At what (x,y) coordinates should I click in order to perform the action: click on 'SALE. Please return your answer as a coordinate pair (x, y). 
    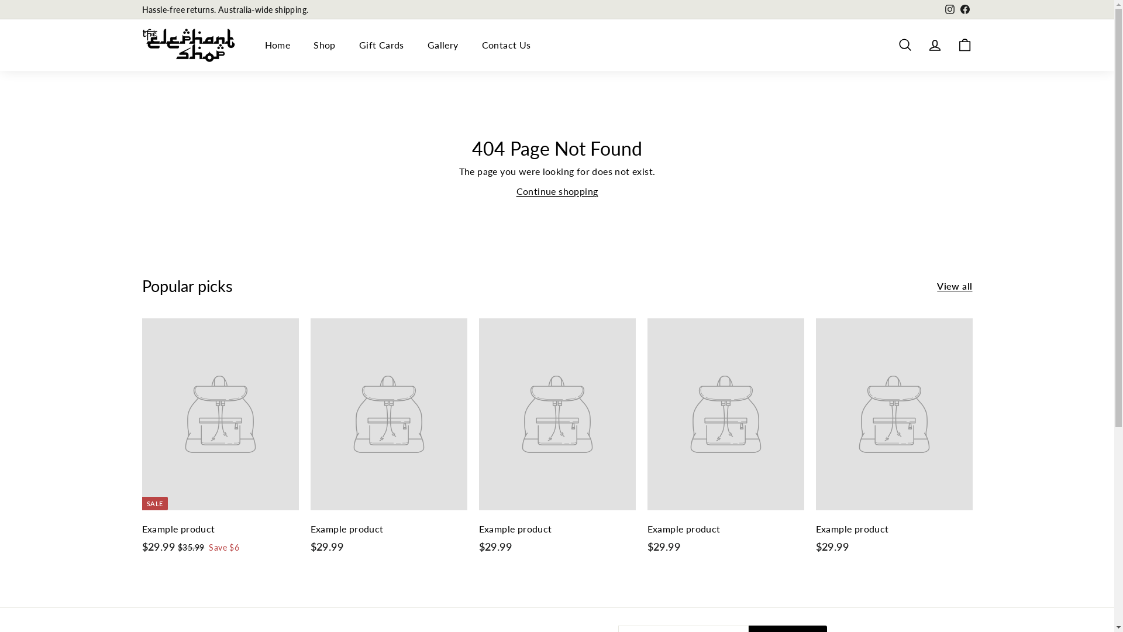
    Looking at the image, I should click on (219, 442).